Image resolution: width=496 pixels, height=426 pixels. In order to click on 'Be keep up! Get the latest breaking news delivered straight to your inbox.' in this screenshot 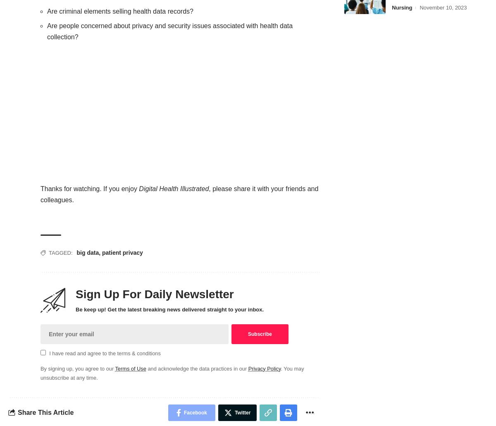, I will do `click(169, 309)`.